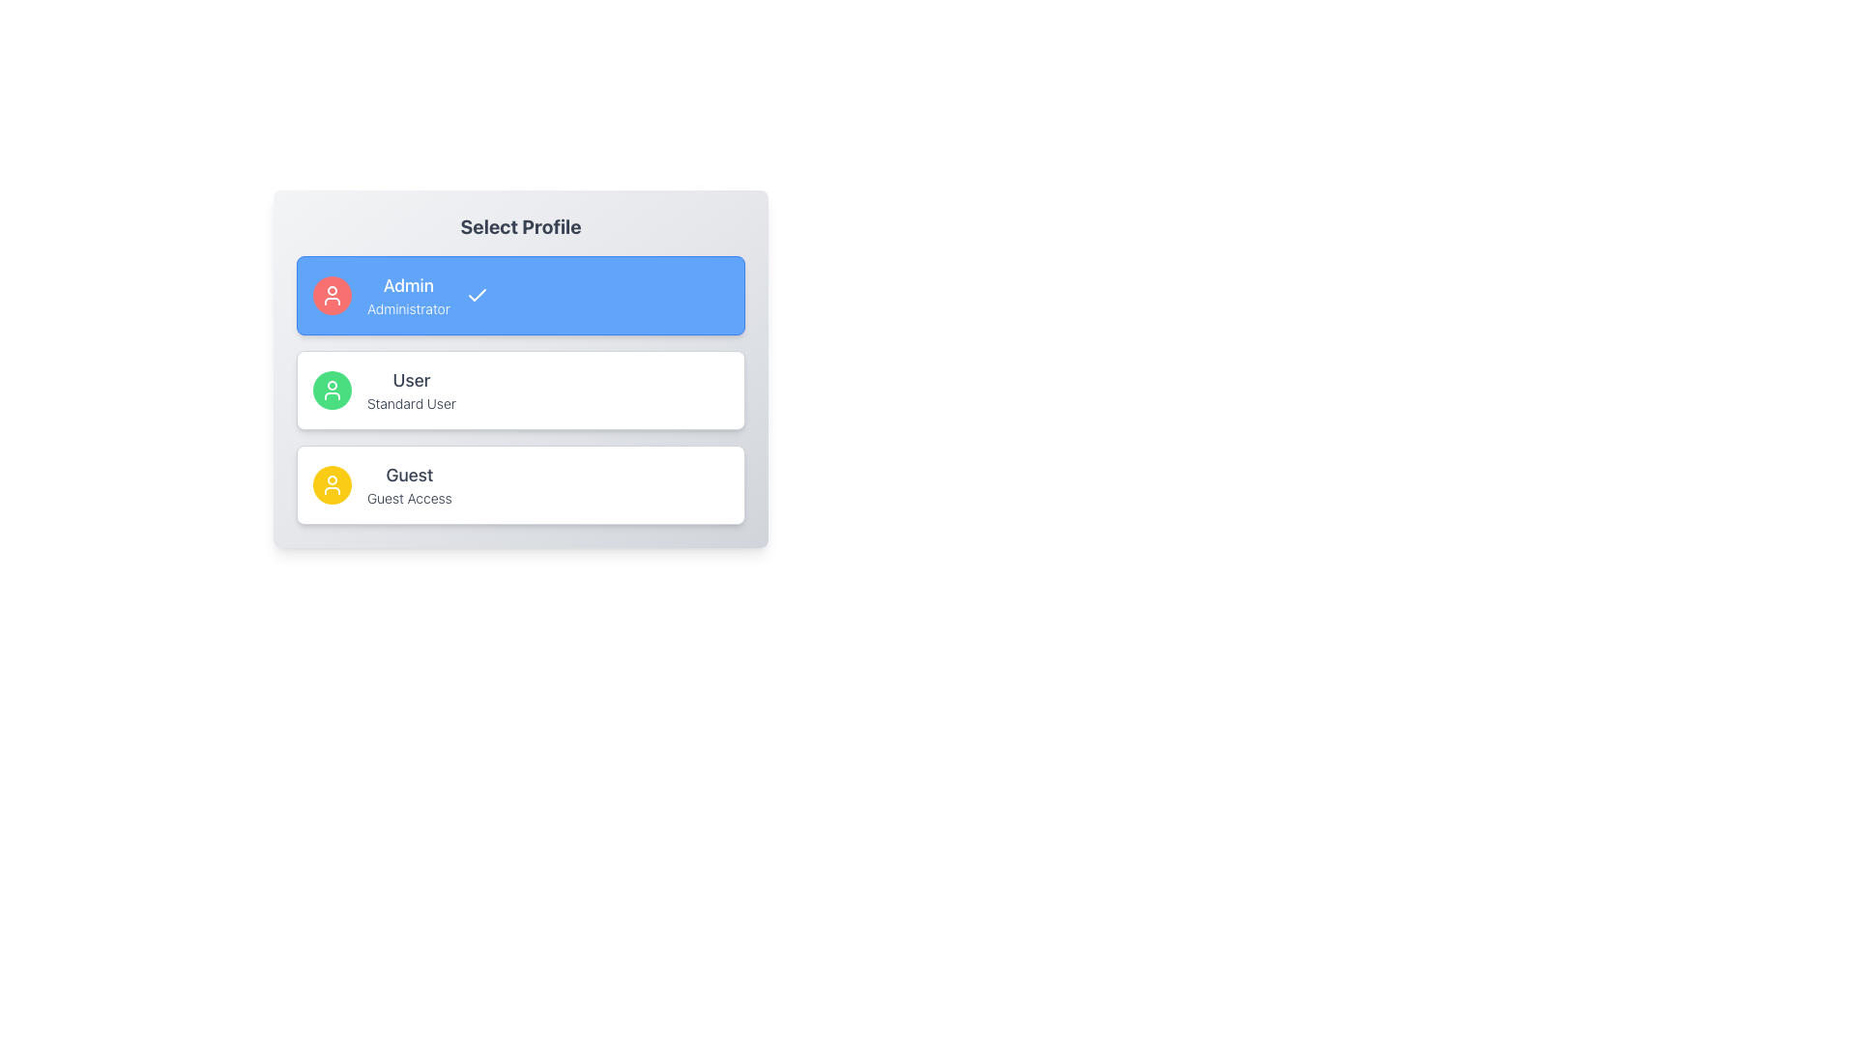 The width and height of the screenshot is (1856, 1044). I want to click on the 'User' button located under the 'Select Profile' title, so click(520, 391).